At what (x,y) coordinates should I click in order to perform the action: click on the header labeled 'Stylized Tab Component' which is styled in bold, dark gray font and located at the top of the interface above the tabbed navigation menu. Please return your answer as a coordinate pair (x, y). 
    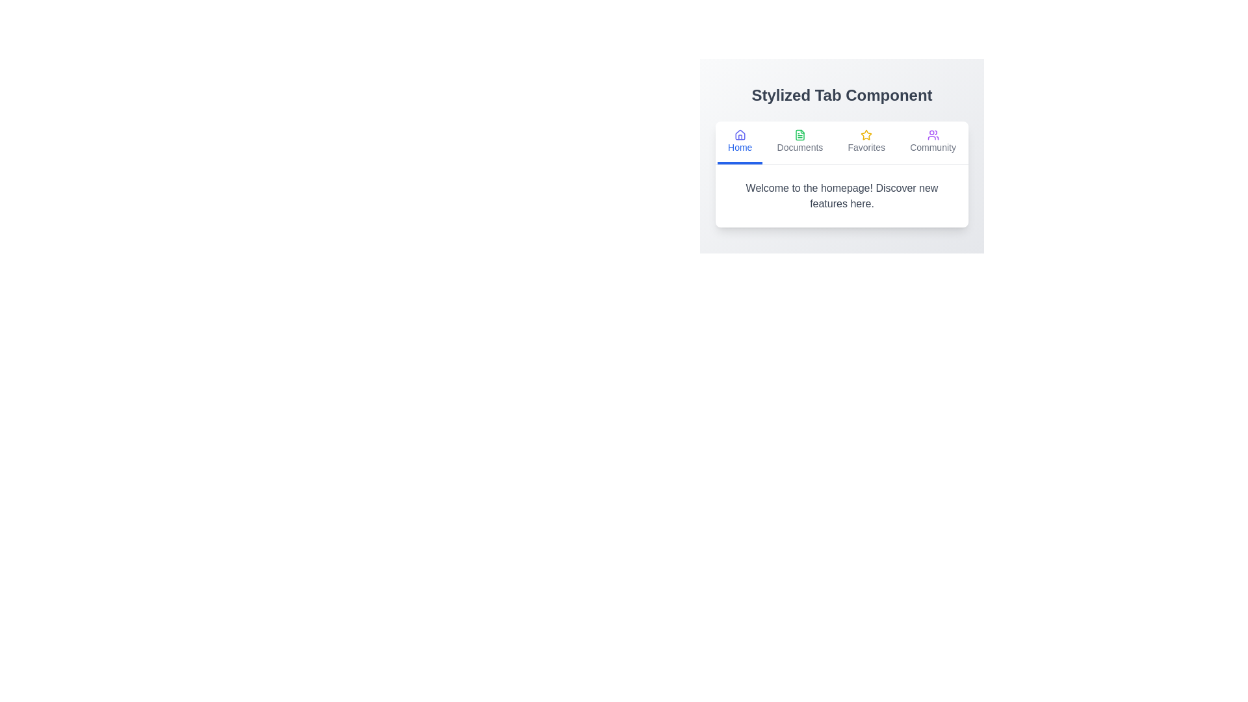
    Looking at the image, I should click on (842, 94).